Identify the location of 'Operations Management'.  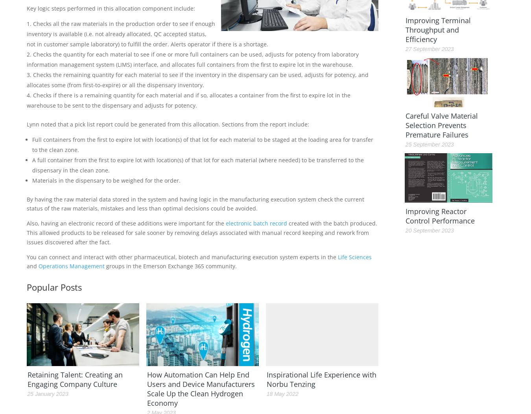
(71, 266).